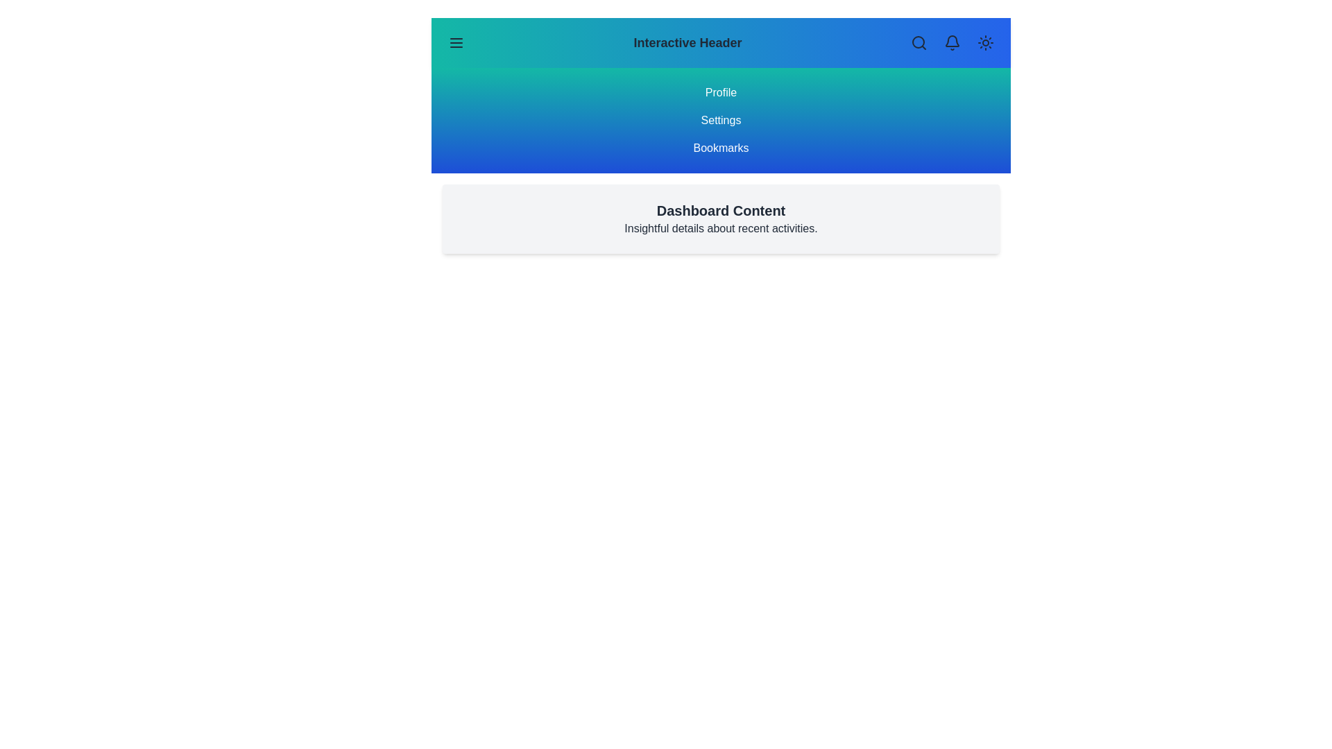 Image resolution: width=1332 pixels, height=749 pixels. Describe the element at coordinates (721, 148) in the screenshot. I see `the menu item Bookmarks` at that location.